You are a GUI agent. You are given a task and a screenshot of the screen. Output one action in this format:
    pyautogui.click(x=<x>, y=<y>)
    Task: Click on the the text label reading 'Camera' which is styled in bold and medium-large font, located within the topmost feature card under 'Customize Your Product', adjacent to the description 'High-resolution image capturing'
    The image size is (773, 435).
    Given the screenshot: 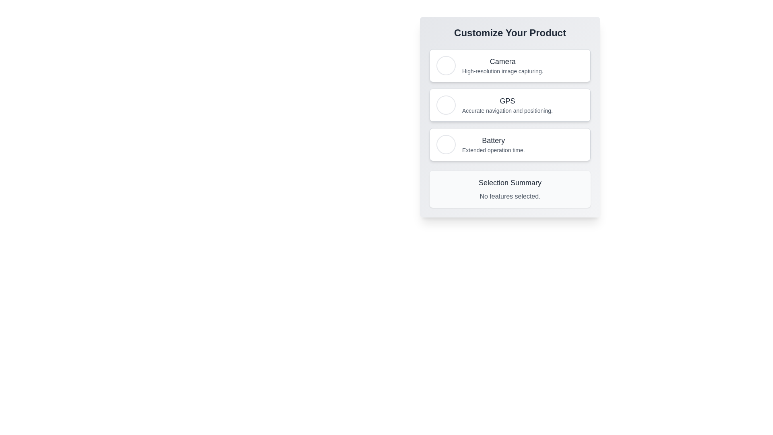 What is the action you would take?
    pyautogui.click(x=502, y=61)
    